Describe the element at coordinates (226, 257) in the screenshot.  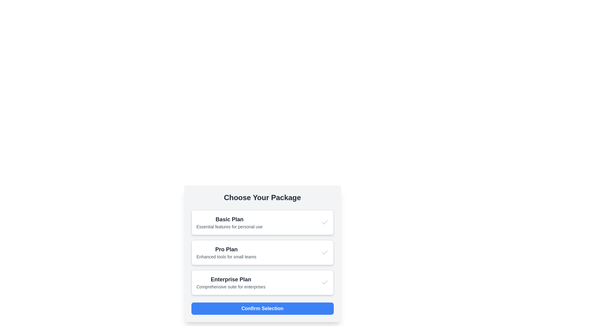
I see `text label 'Enhanced tools for small teams' located beneath the 'Pro Plan' heading in the second card of the package selection interface` at that location.